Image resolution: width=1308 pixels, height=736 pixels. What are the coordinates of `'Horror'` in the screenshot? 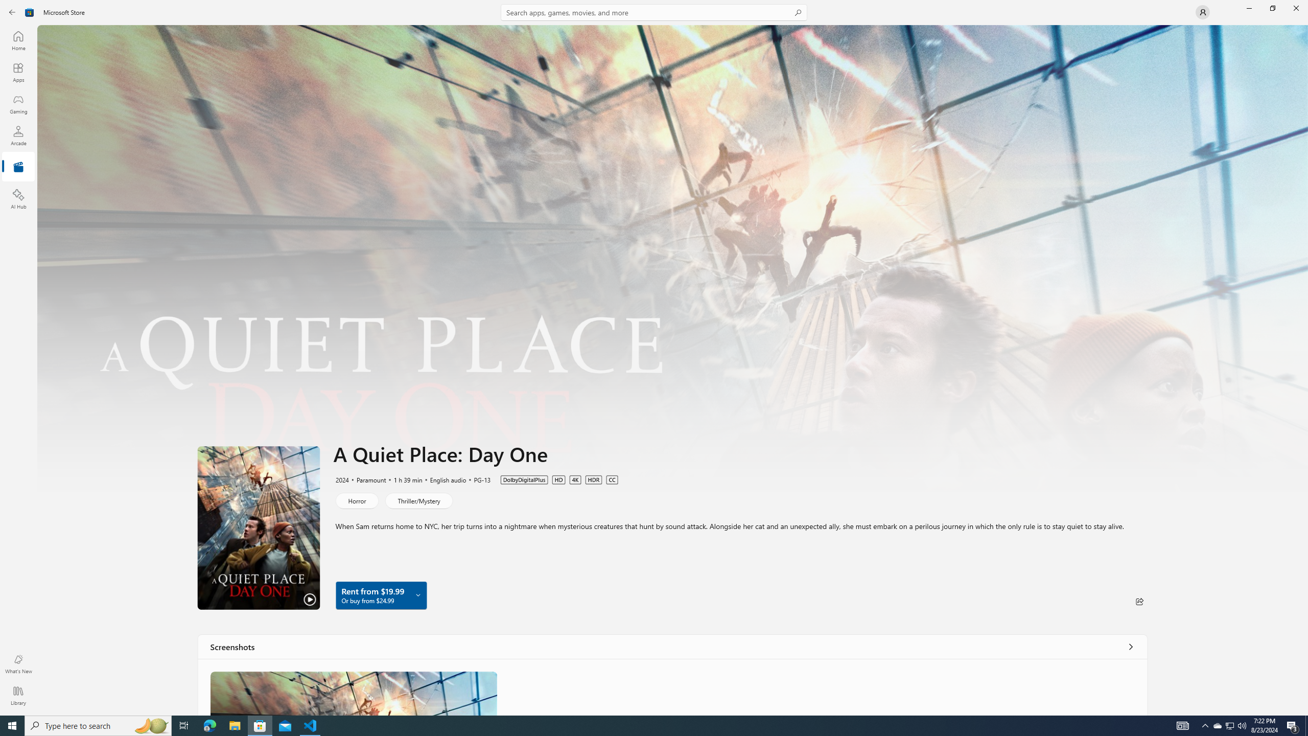 It's located at (356, 500).